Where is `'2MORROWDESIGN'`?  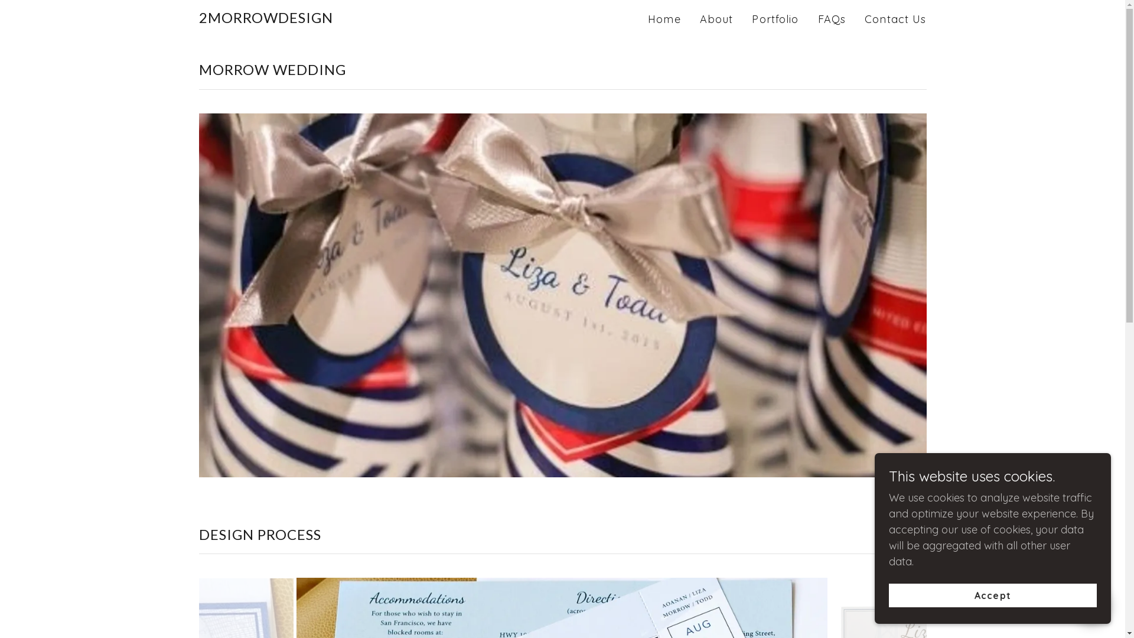
'2MORROWDESIGN' is located at coordinates (198, 19).